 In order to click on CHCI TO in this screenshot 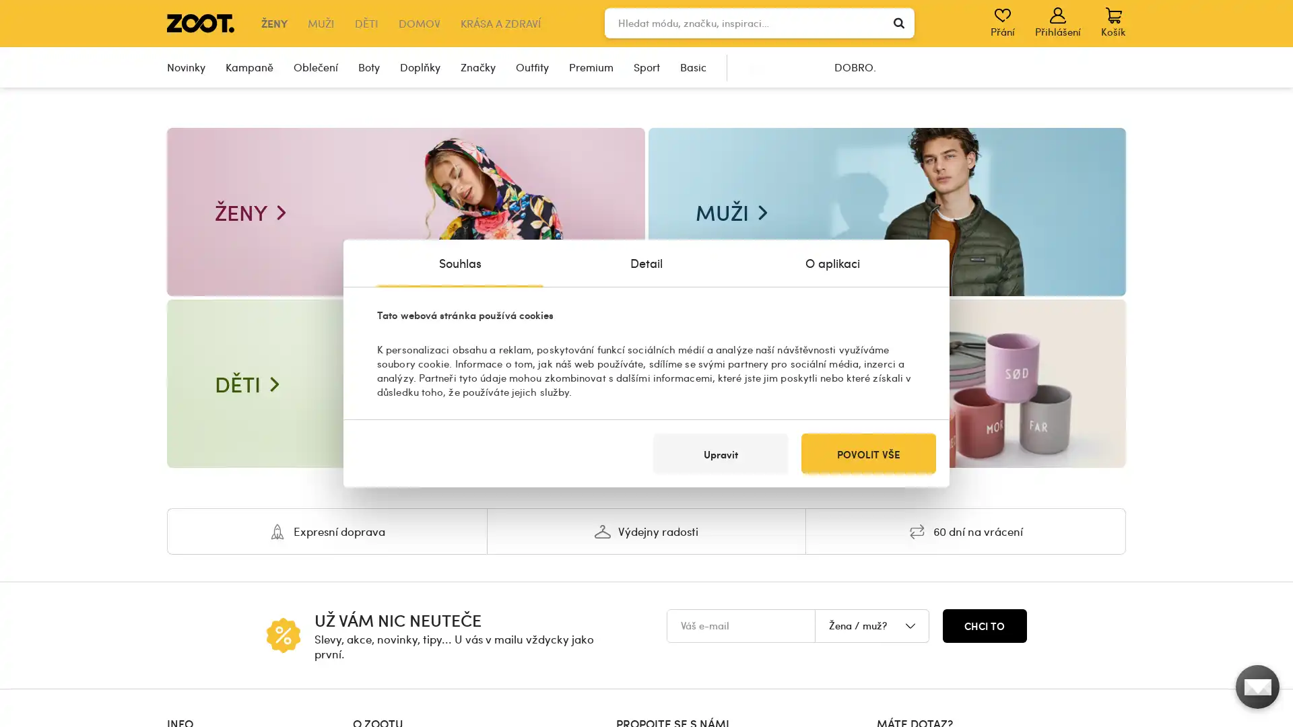, I will do `click(985, 625)`.